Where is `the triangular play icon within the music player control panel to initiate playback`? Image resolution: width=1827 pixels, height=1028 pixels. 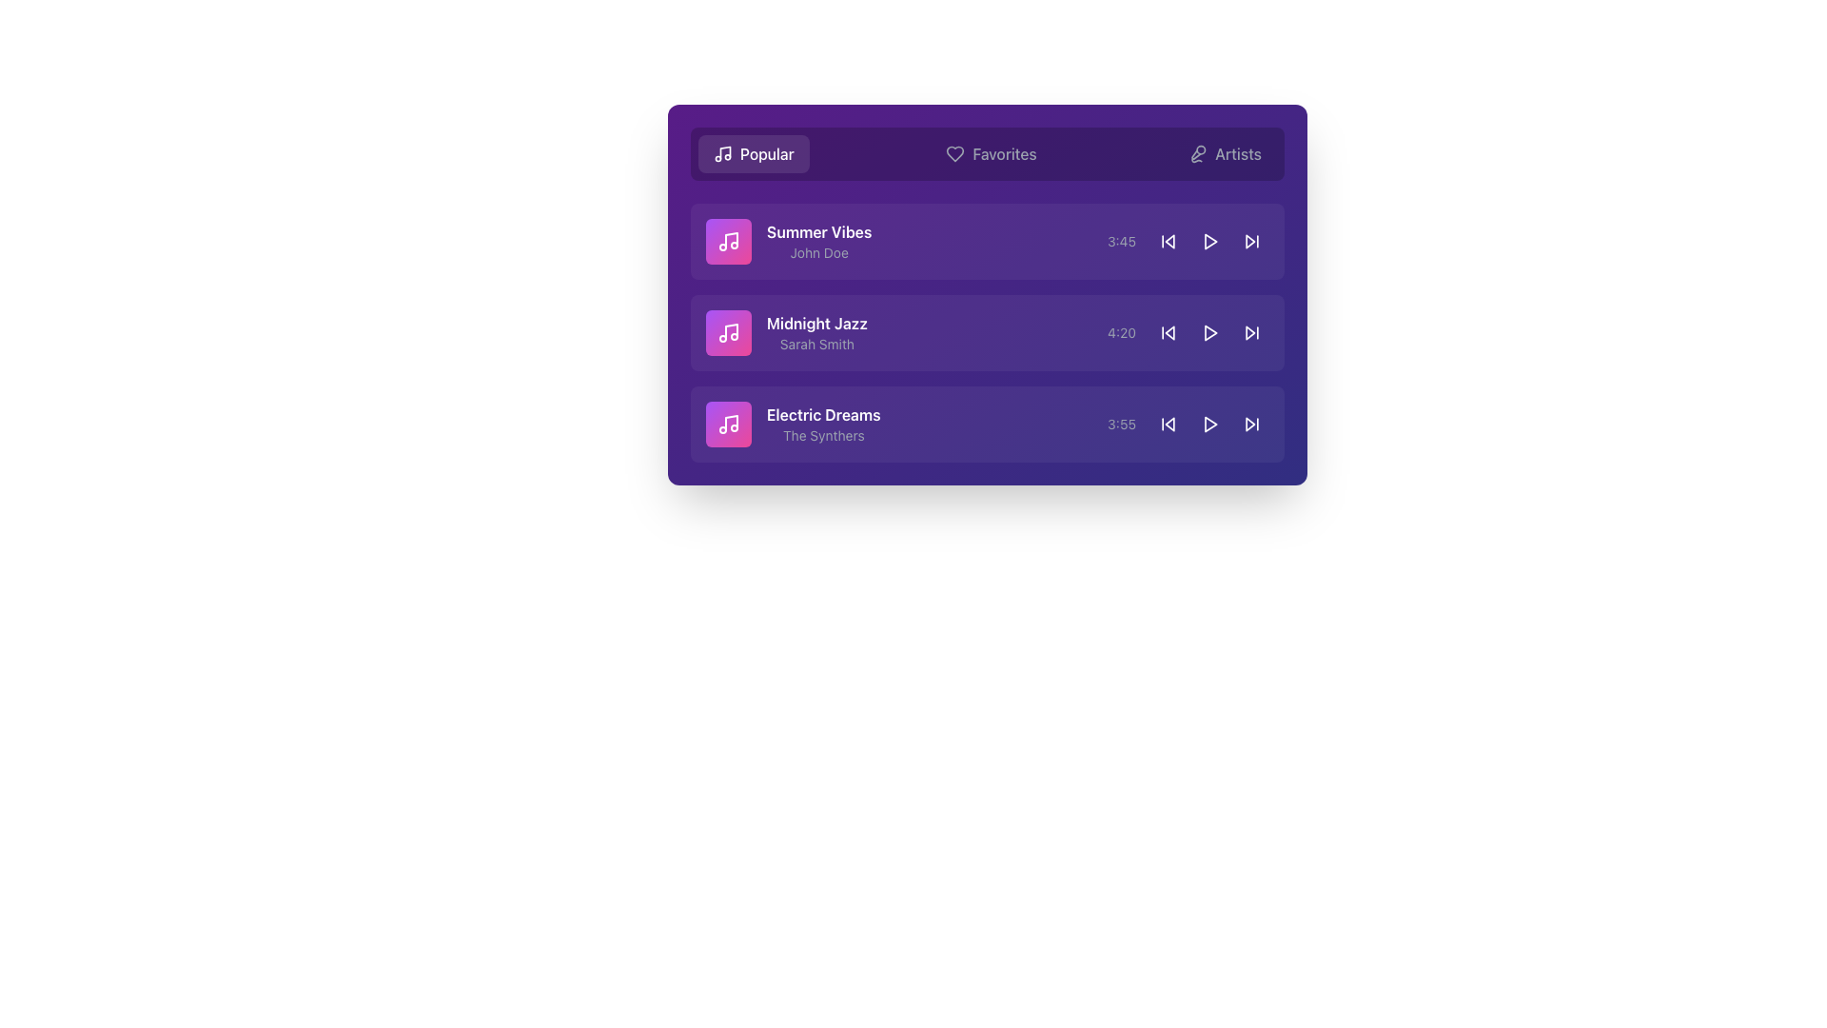
the triangular play icon within the music player control panel to initiate playback is located at coordinates (1209, 241).